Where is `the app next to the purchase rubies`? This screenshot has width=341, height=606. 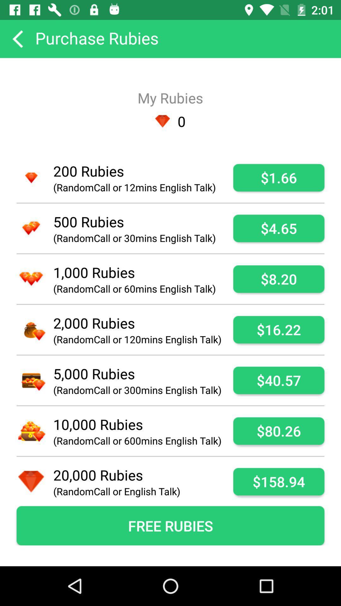 the app next to the purchase rubies is located at coordinates (17, 39).